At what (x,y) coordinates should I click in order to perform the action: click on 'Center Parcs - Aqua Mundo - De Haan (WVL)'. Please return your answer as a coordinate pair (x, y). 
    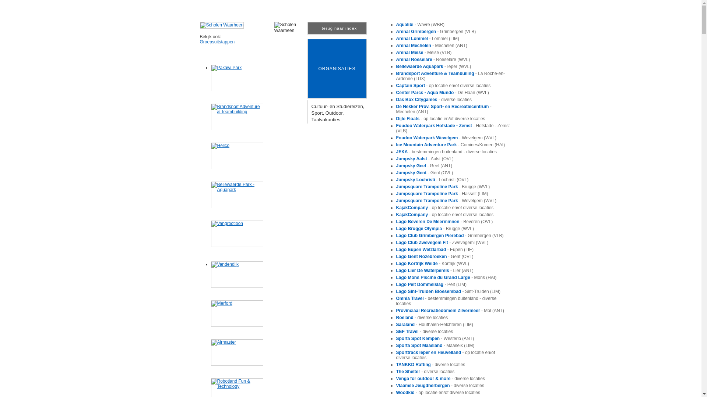
    Looking at the image, I should click on (395, 92).